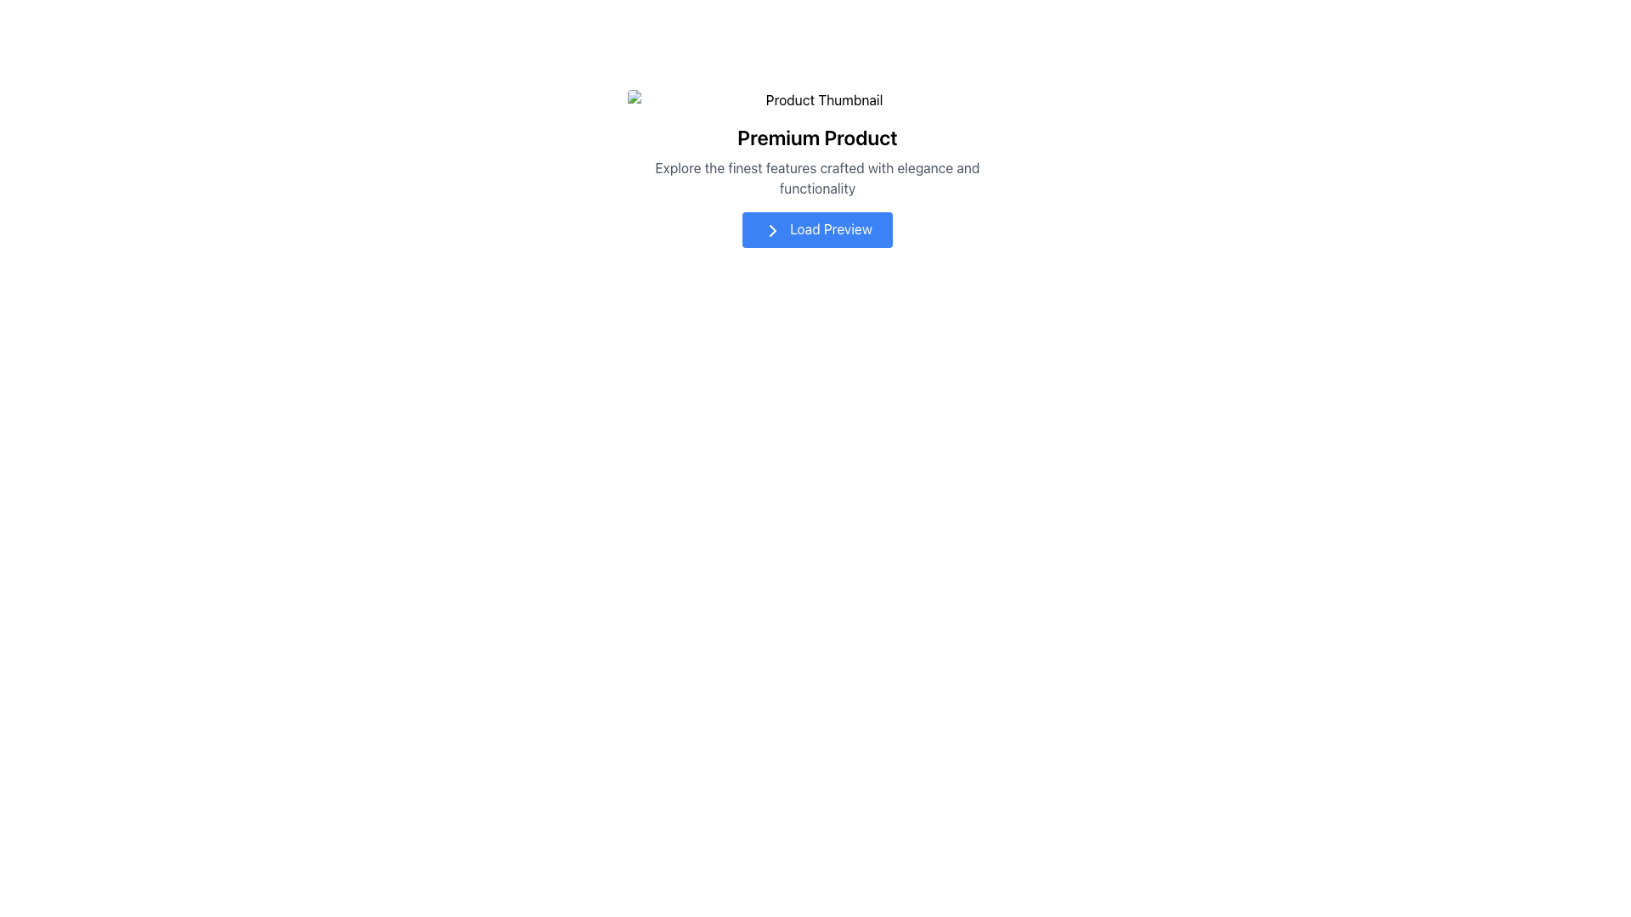 This screenshot has width=1631, height=917. Describe the element at coordinates (772, 230) in the screenshot. I see `the right-pointing chevron icon within the 'Load Preview' button to interact with it` at that location.